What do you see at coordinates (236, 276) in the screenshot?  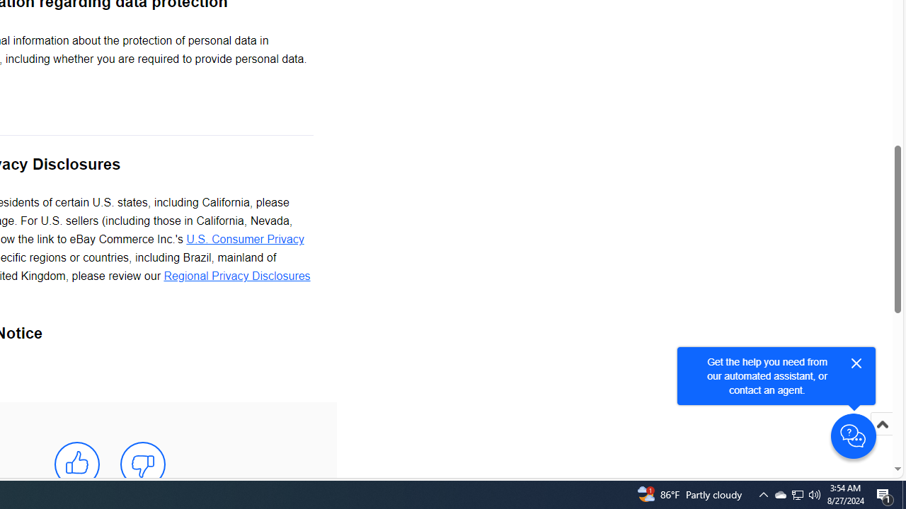 I see `'Regional Privacy Disclosures - opens in new window or tab'` at bounding box center [236, 276].